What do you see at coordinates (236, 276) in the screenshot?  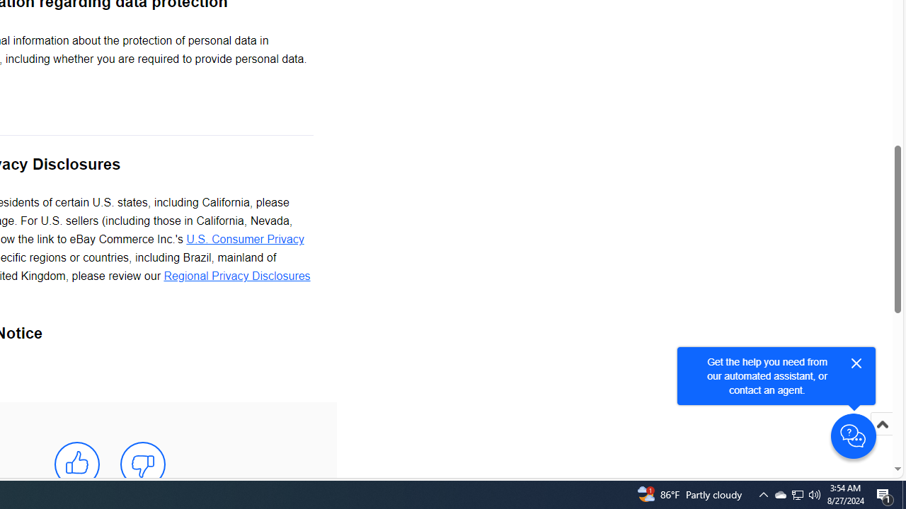 I see `'Regional Privacy Disclosures - opens in new window or tab'` at bounding box center [236, 276].